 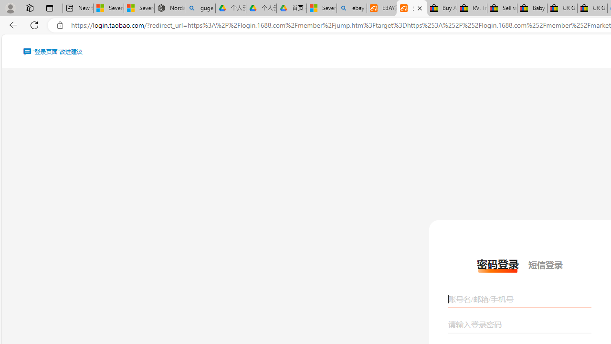 What do you see at coordinates (60, 25) in the screenshot?
I see `'View site information'` at bounding box center [60, 25].